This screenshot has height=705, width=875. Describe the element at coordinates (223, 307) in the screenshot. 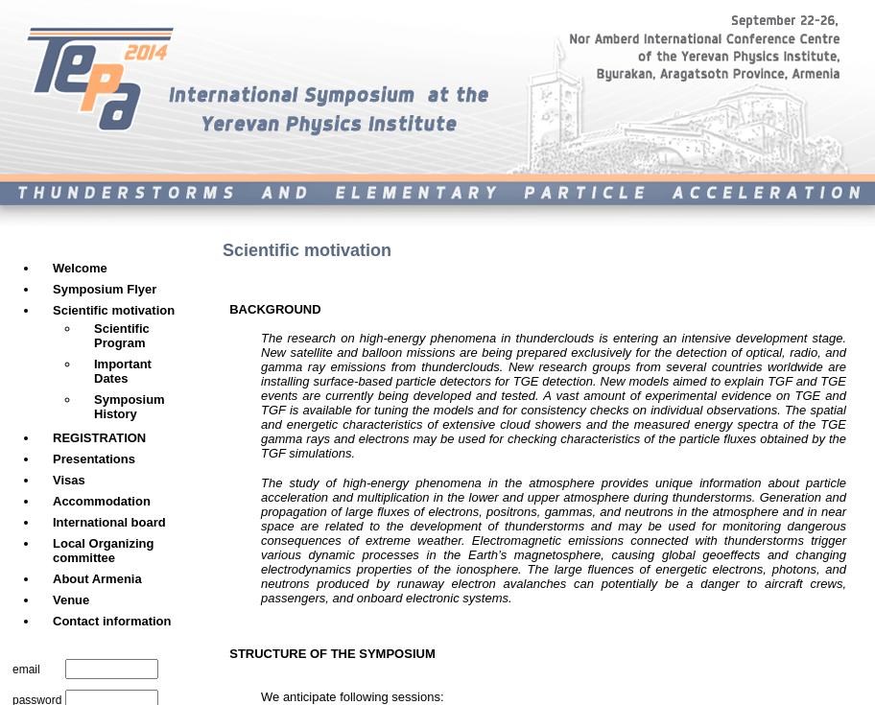

I see `'BACKGROUND'` at that location.